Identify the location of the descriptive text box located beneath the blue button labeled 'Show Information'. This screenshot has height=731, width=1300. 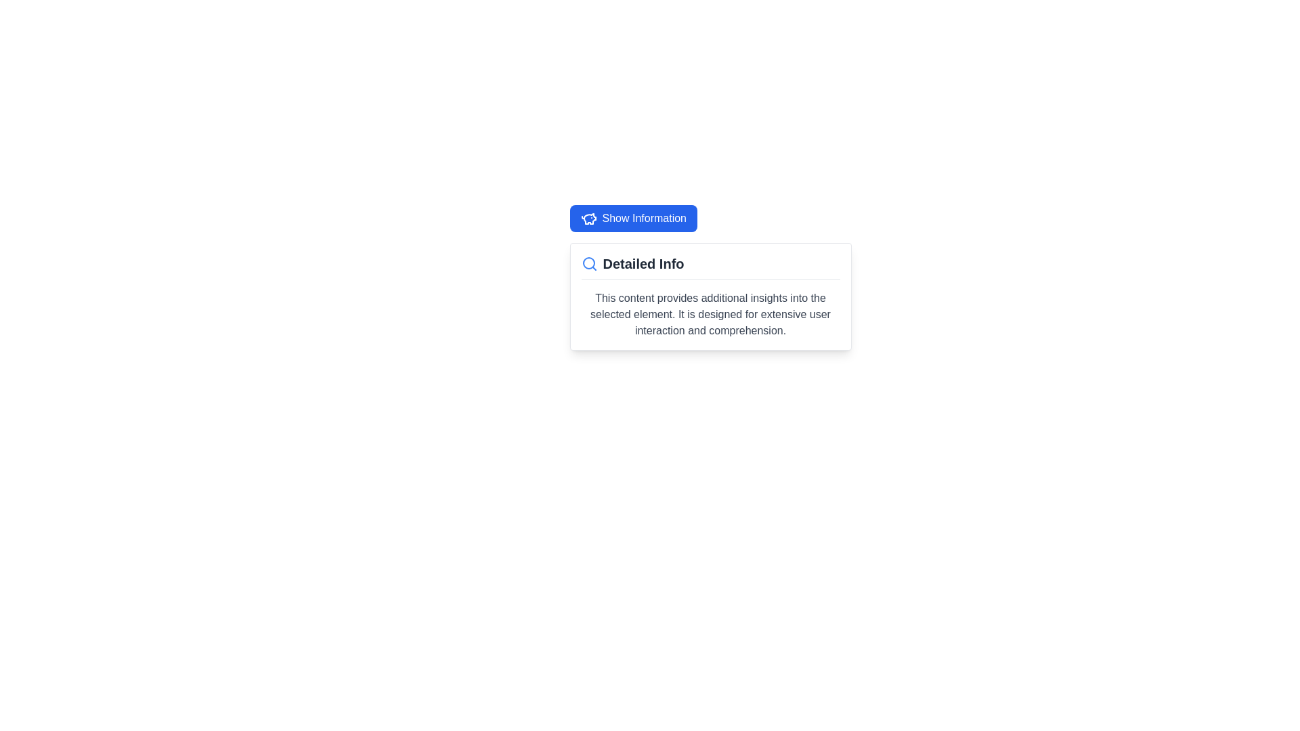
(710, 296).